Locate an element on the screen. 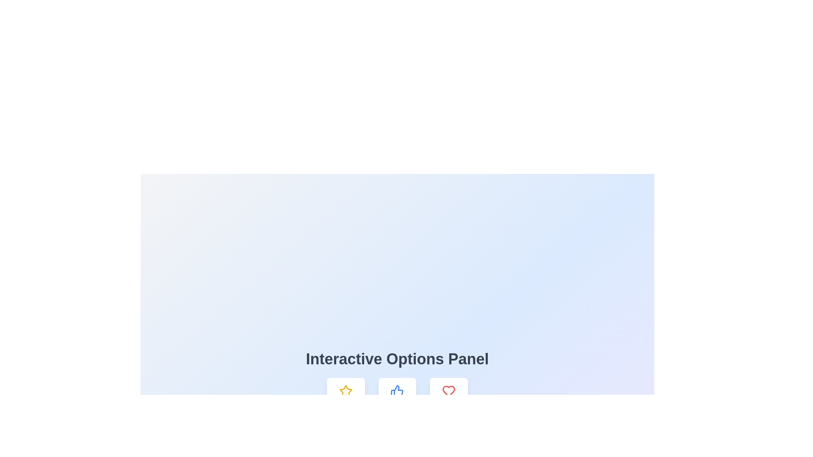 This screenshot has height=457, width=813. the heart icon button, which is the third button in a row of three buttons beneath the 'Interactive Options Panel' is located at coordinates (448, 391).